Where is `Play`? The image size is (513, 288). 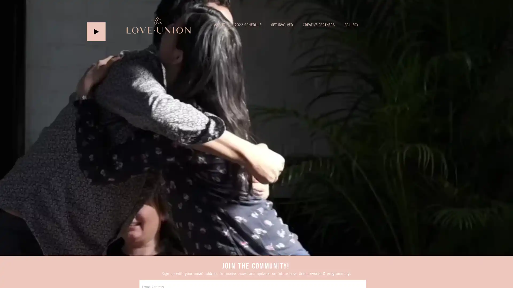 Play is located at coordinates (96, 32).